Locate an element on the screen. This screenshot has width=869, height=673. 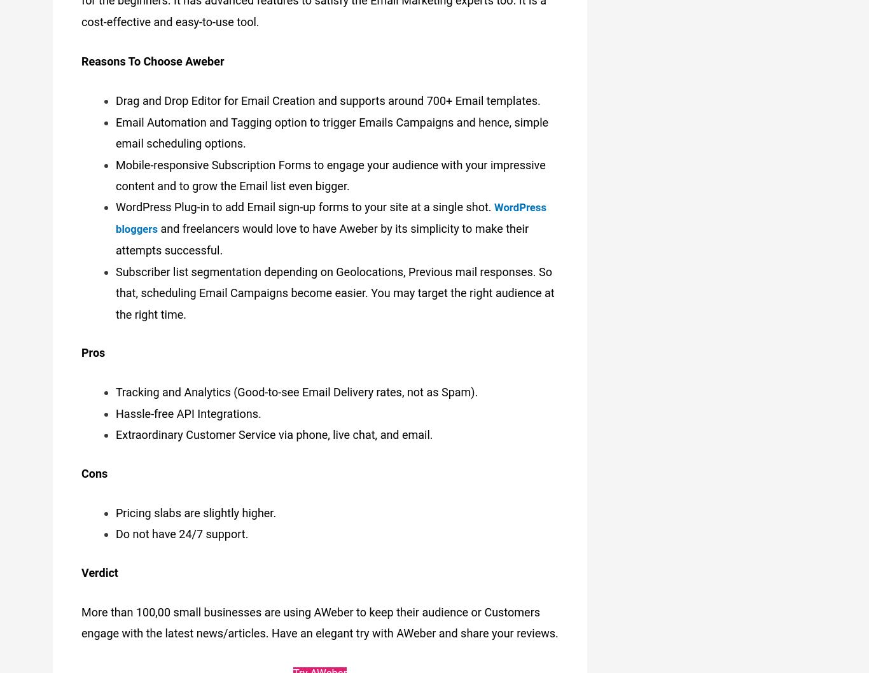
'Do not have 24/7 support.' is located at coordinates (115, 527).